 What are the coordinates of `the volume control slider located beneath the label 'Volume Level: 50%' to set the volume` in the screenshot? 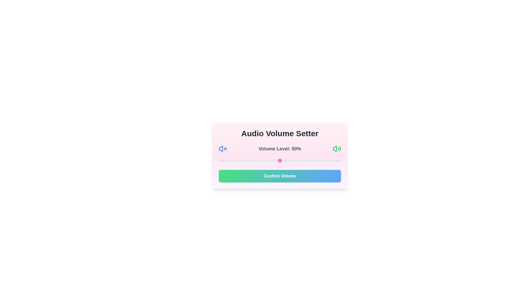 It's located at (279, 160).